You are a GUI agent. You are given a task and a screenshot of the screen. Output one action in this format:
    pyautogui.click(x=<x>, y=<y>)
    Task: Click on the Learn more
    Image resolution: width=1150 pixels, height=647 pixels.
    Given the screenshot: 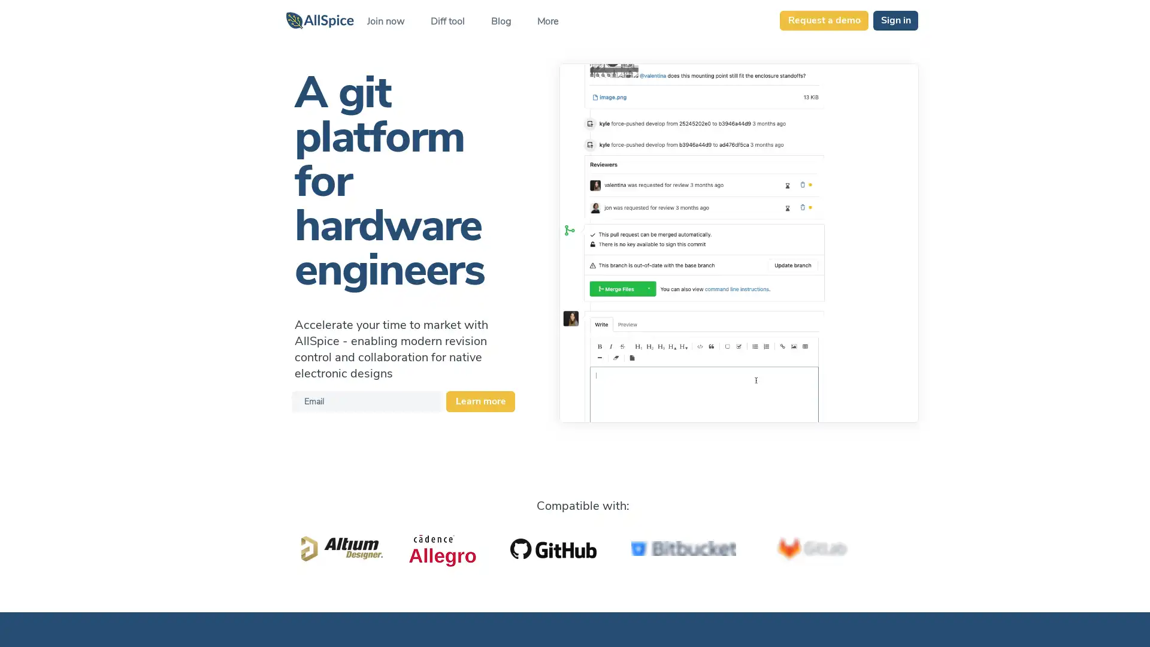 What is the action you would take?
    pyautogui.click(x=480, y=401)
    